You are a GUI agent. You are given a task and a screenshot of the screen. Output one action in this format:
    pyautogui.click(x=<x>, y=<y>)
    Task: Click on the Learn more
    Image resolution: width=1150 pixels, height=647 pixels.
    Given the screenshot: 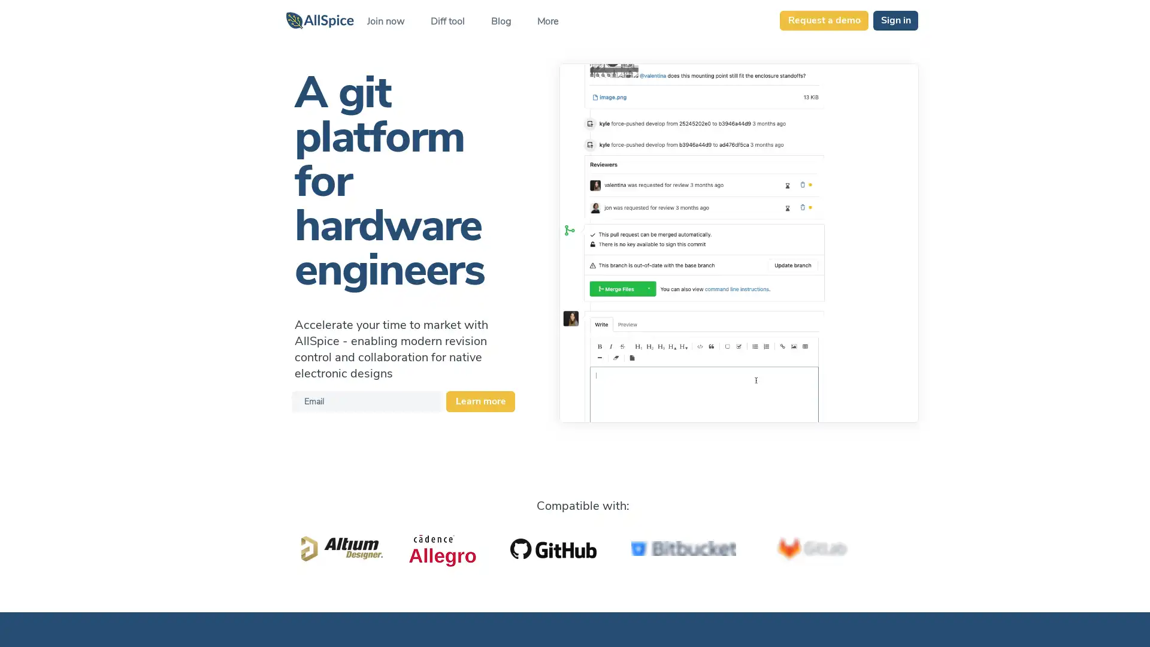 What is the action you would take?
    pyautogui.click(x=480, y=401)
    